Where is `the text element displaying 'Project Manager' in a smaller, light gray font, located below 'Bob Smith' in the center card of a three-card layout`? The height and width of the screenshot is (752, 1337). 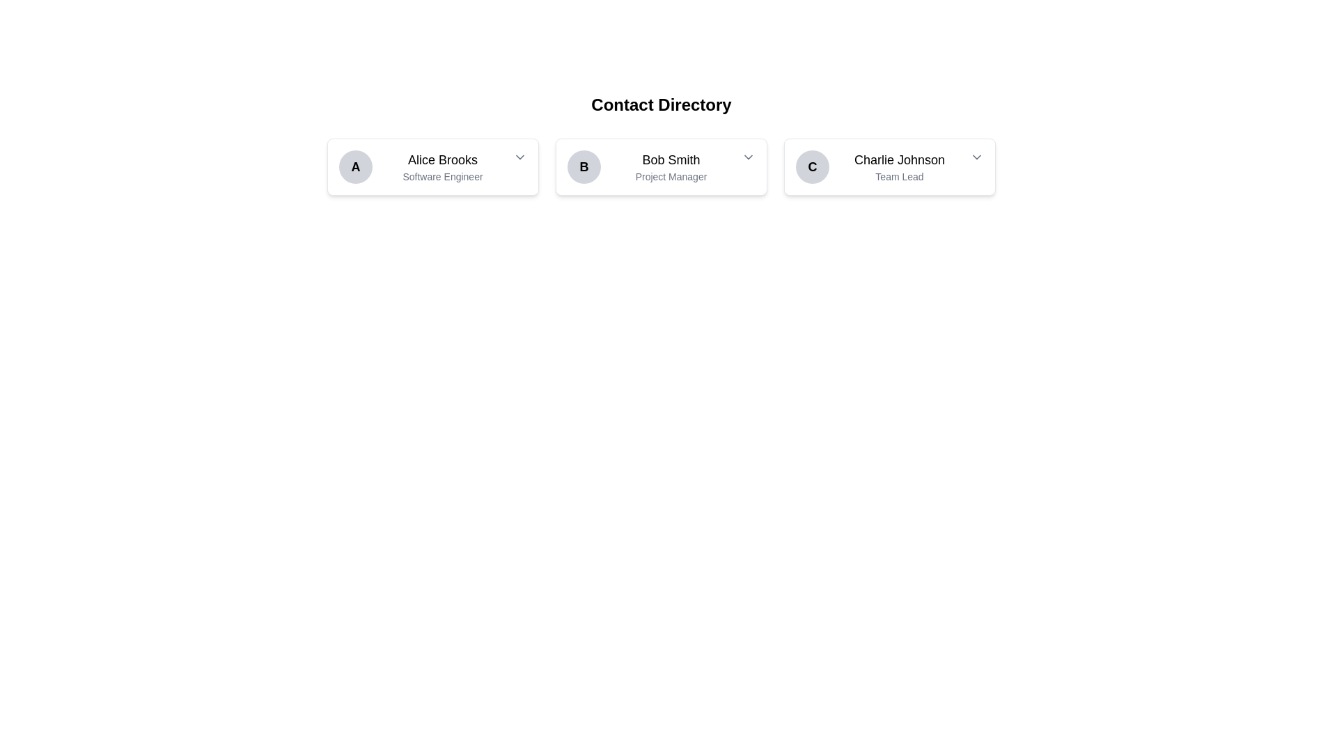
the text element displaying 'Project Manager' in a smaller, light gray font, located below 'Bob Smith' in the center card of a three-card layout is located at coordinates (671, 176).